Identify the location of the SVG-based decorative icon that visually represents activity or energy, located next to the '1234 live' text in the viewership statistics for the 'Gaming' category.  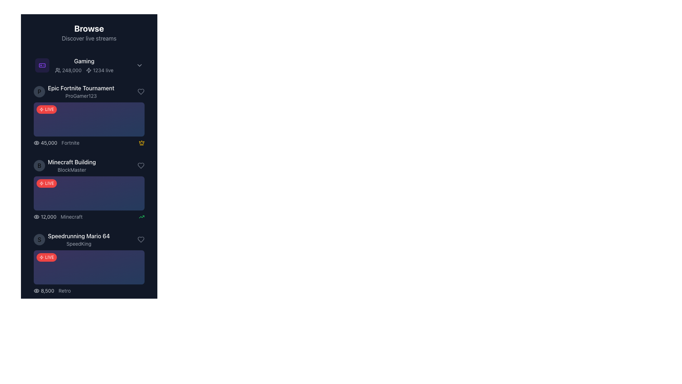
(88, 70).